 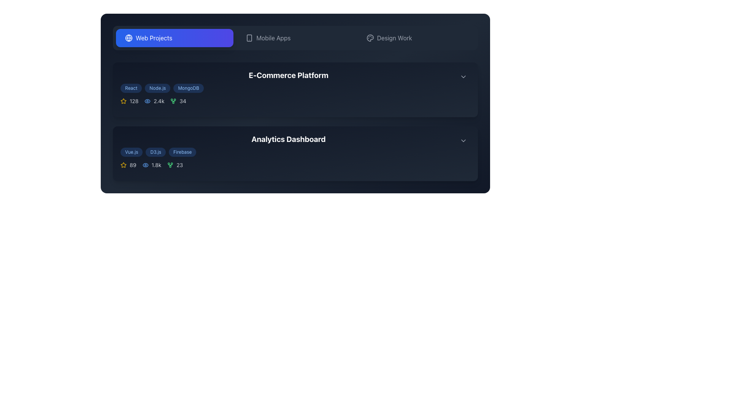 I want to click on the small green git fork icon, which consists of three interconnected circles in a triangular arrangement, located to the right of the numeric label '34', so click(x=173, y=101).